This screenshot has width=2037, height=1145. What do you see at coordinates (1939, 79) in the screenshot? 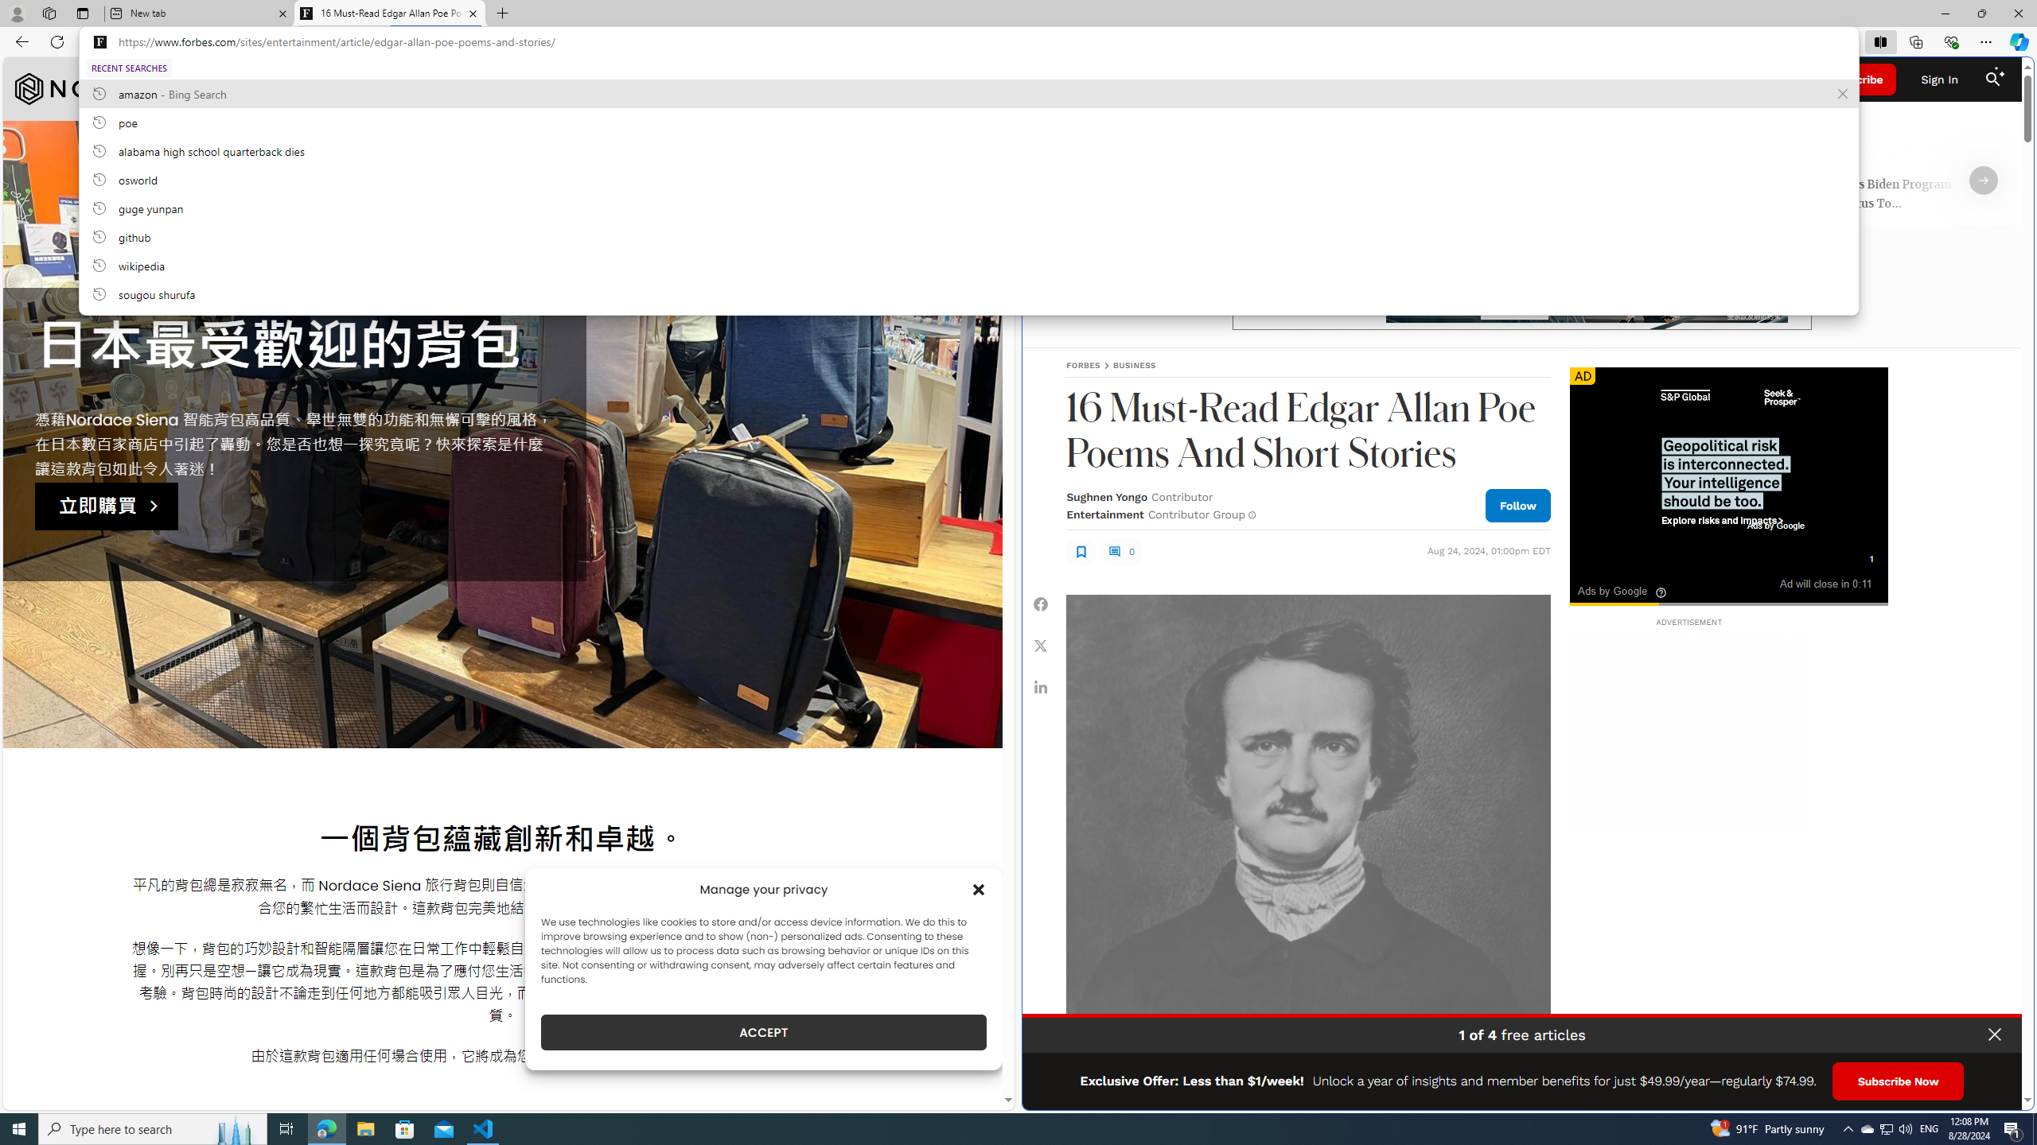
I see `'Sign In'` at bounding box center [1939, 79].